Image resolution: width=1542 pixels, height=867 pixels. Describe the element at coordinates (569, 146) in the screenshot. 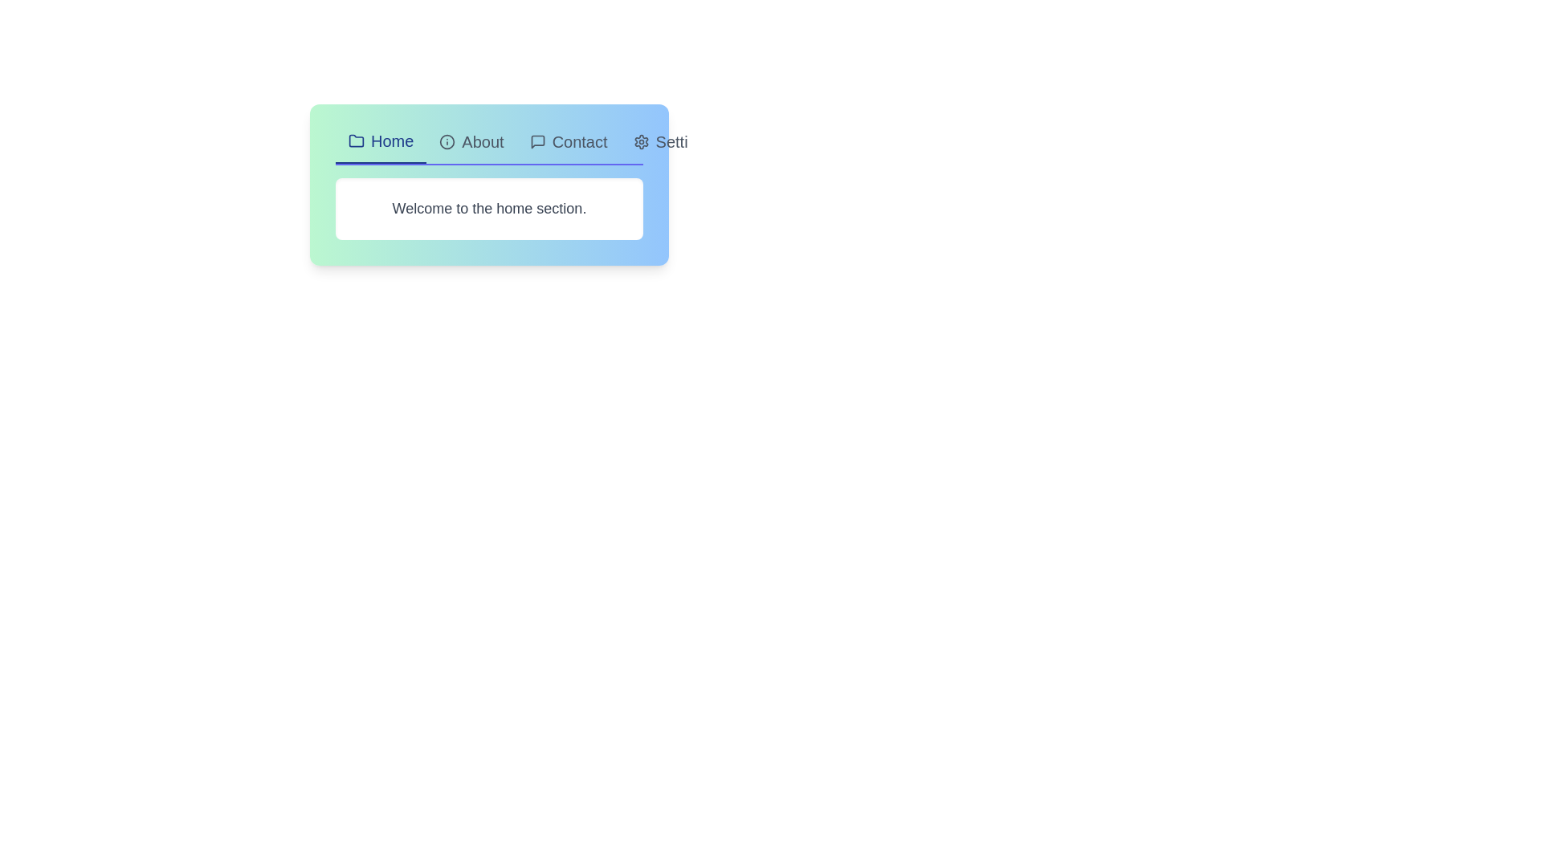

I see `the tab labeled Contact` at that location.